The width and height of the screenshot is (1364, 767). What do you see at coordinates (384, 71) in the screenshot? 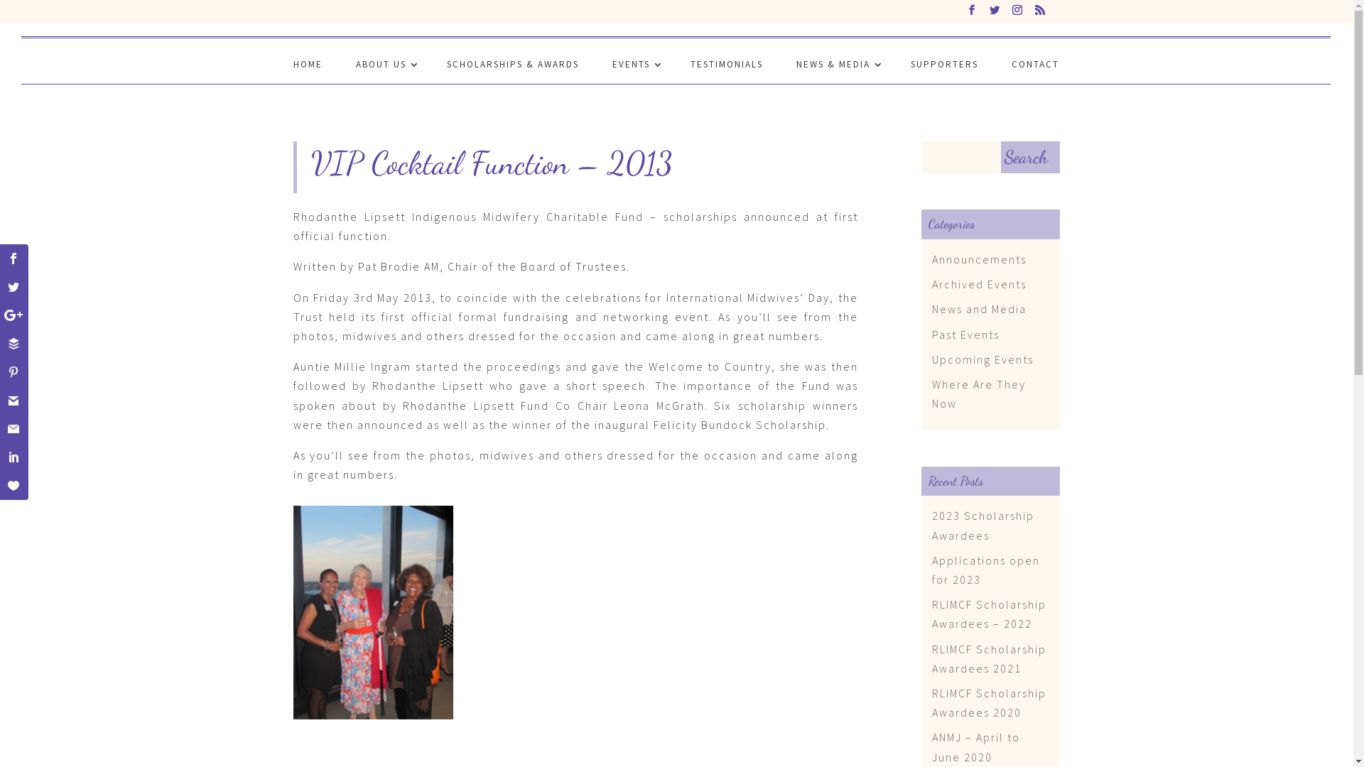
I see `'ABOUT US'` at bounding box center [384, 71].